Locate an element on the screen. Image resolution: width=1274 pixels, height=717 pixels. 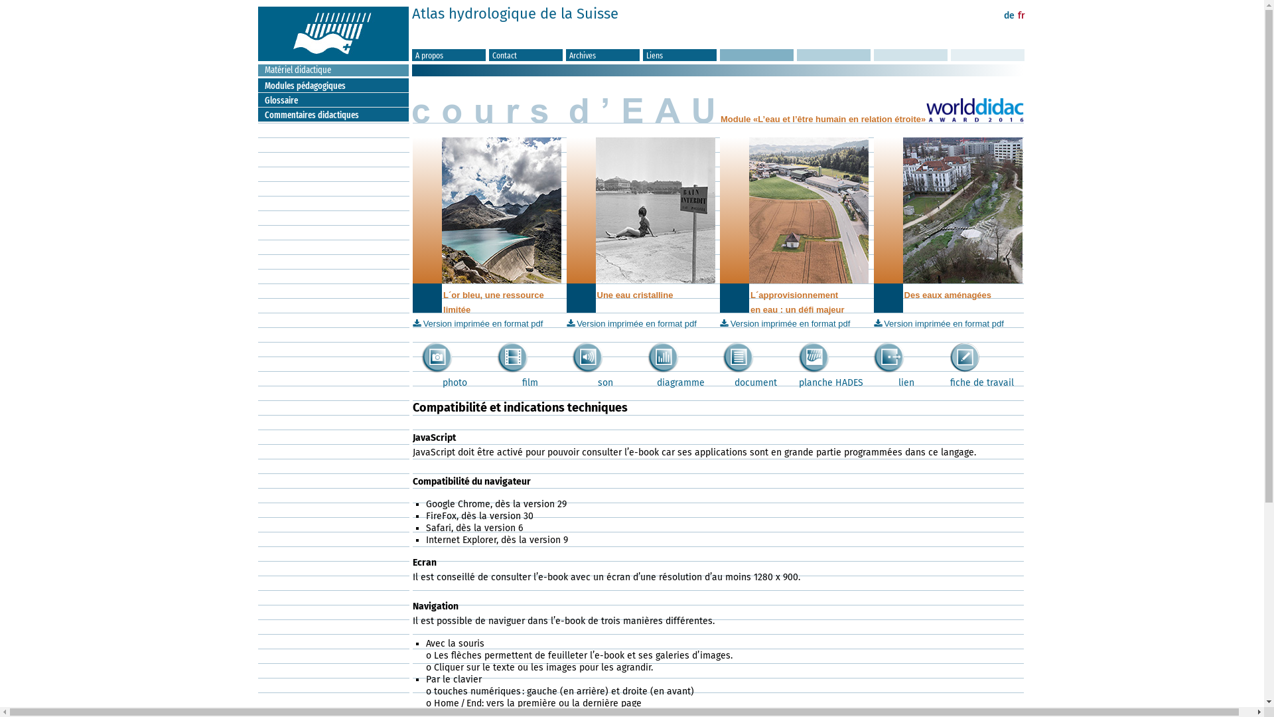
'bouton photo' is located at coordinates (437, 357).